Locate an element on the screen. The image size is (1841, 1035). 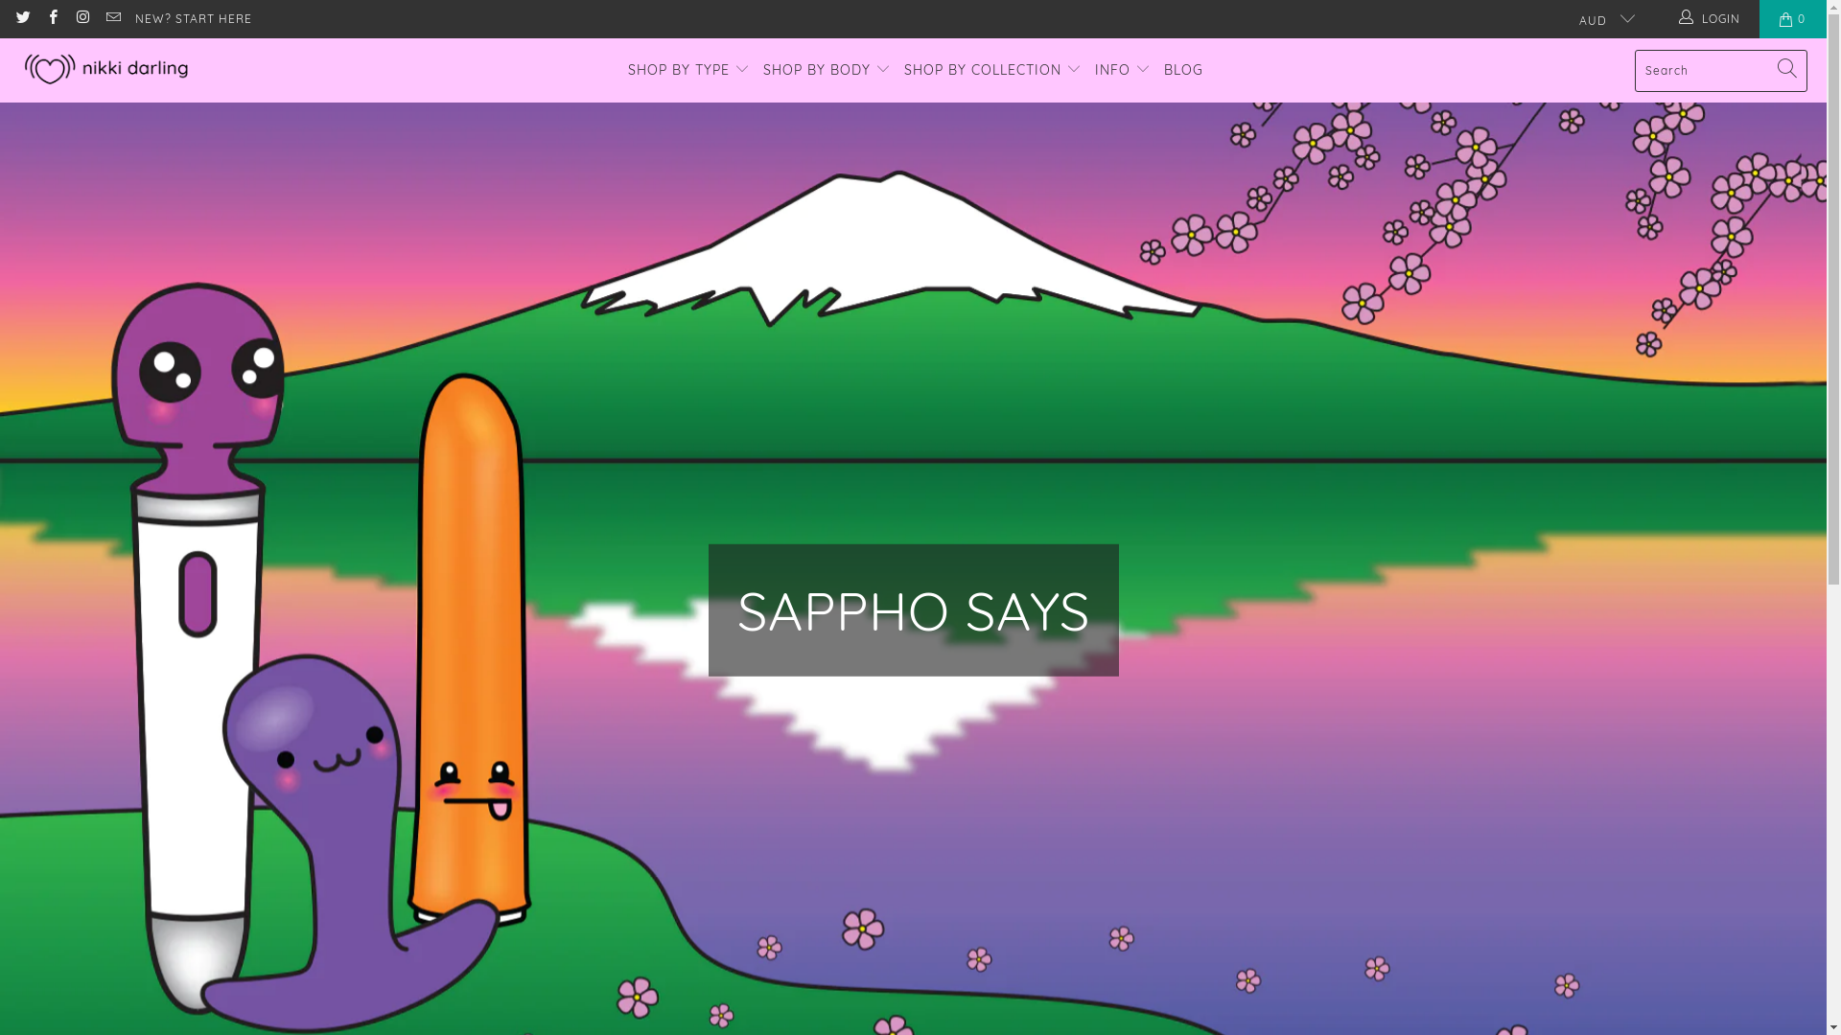
'SHOP BY COLLECTION' is located at coordinates (992, 69).